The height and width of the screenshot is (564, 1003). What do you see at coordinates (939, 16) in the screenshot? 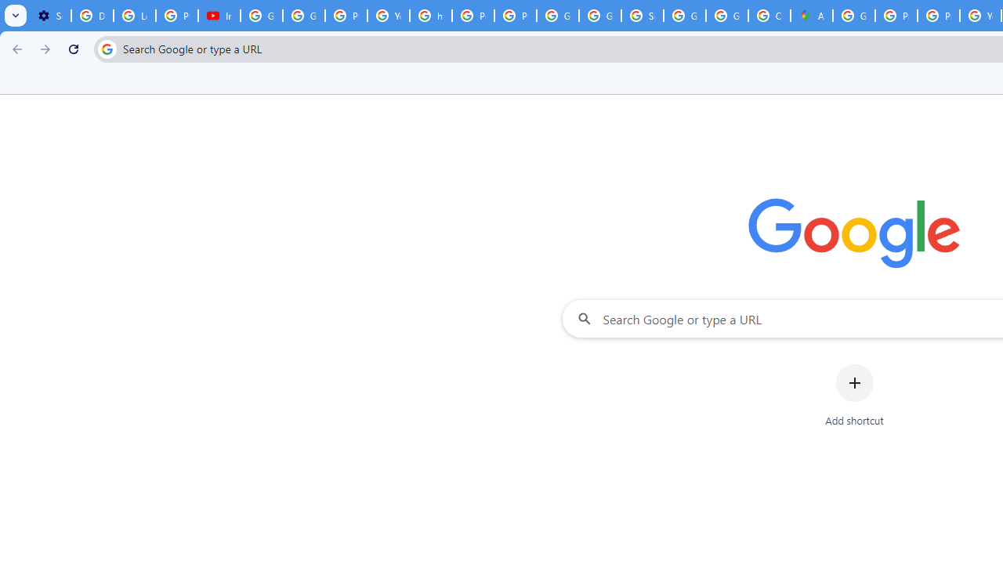
I see `'Privacy Help Center - Policies Help'` at bounding box center [939, 16].